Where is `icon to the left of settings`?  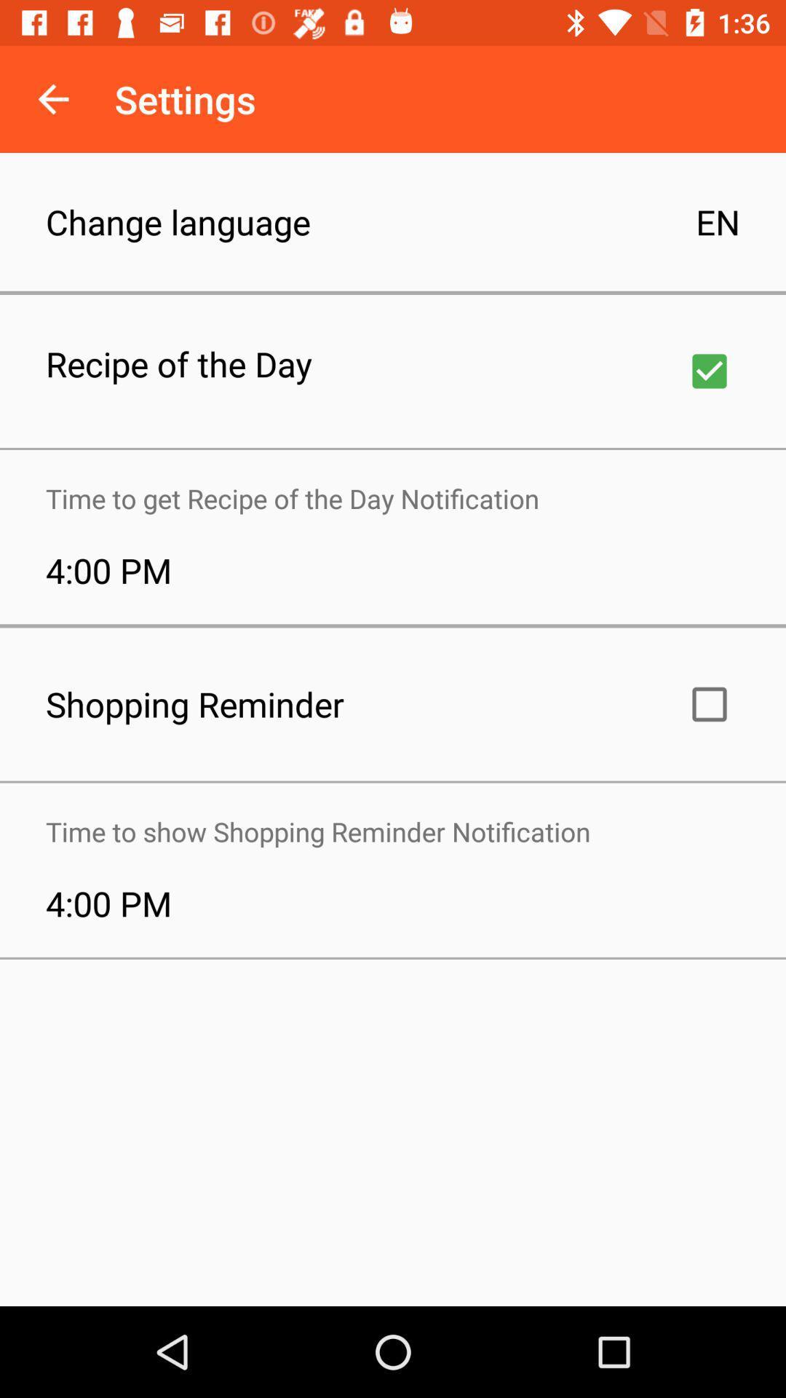
icon to the left of settings is located at coordinates (52, 98).